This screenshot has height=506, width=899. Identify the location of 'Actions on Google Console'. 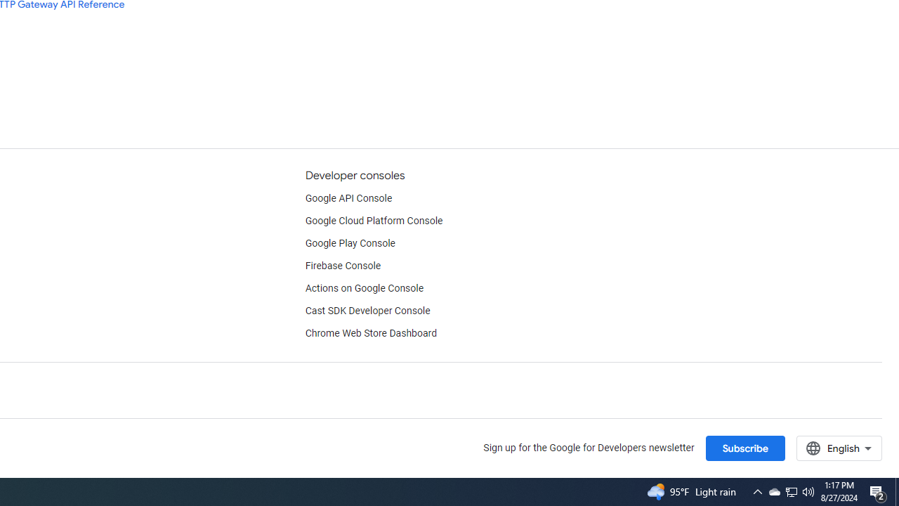
(365, 288).